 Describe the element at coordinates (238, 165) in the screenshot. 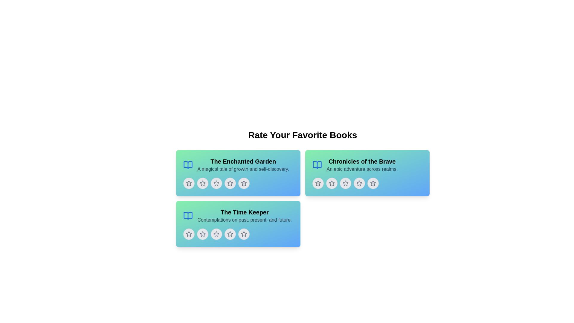

I see `information displayed in the text block with a title and description located in the top-left card of the grid, which is centrally aligned above the rating stars` at that location.